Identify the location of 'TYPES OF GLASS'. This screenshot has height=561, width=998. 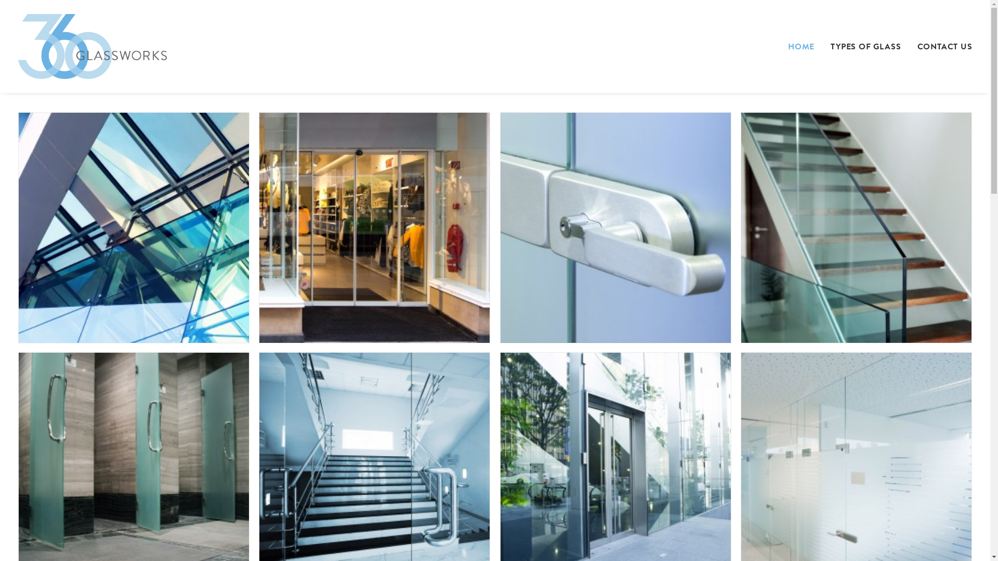
(865, 46).